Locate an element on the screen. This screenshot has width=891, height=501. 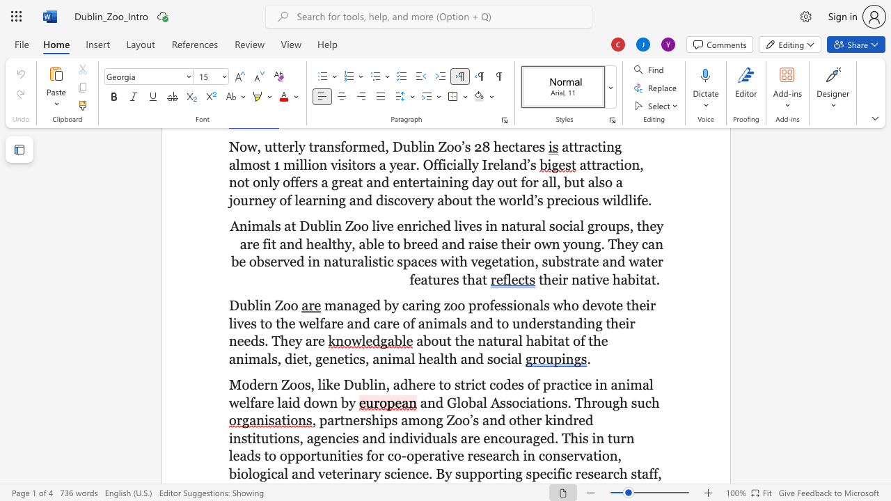
the 1th character "t" in the text is located at coordinates (346, 358).